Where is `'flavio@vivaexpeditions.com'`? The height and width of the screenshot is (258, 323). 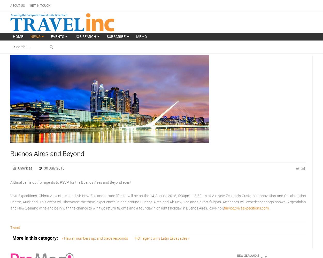
'flavio@vivaexpeditions.com' is located at coordinates (224, 208).